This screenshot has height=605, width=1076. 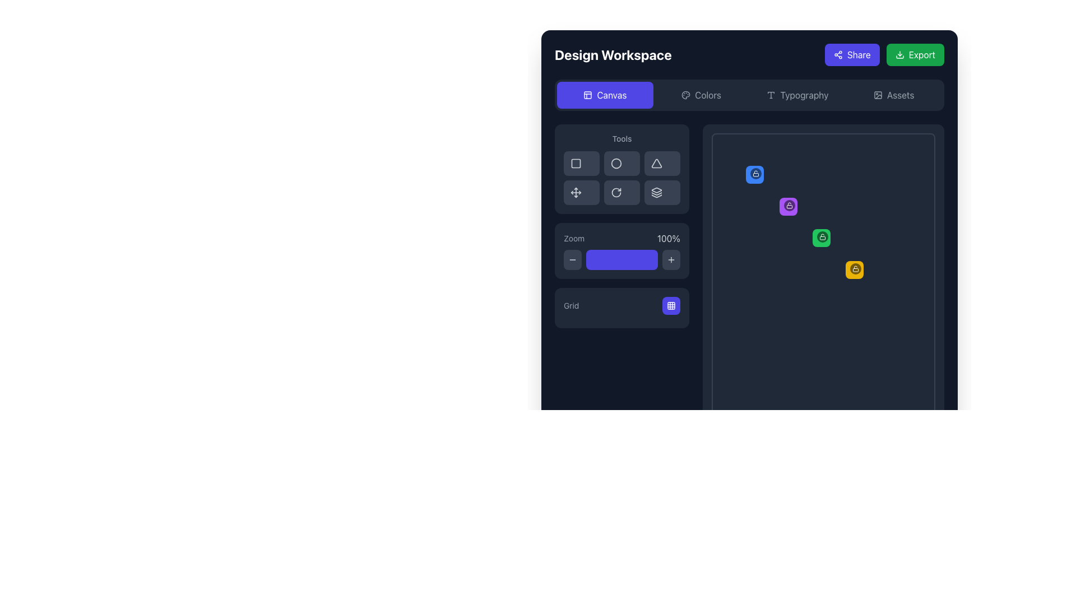 I want to click on the grid icon button located in the bottom section of the Tools panel, so click(x=671, y=306).